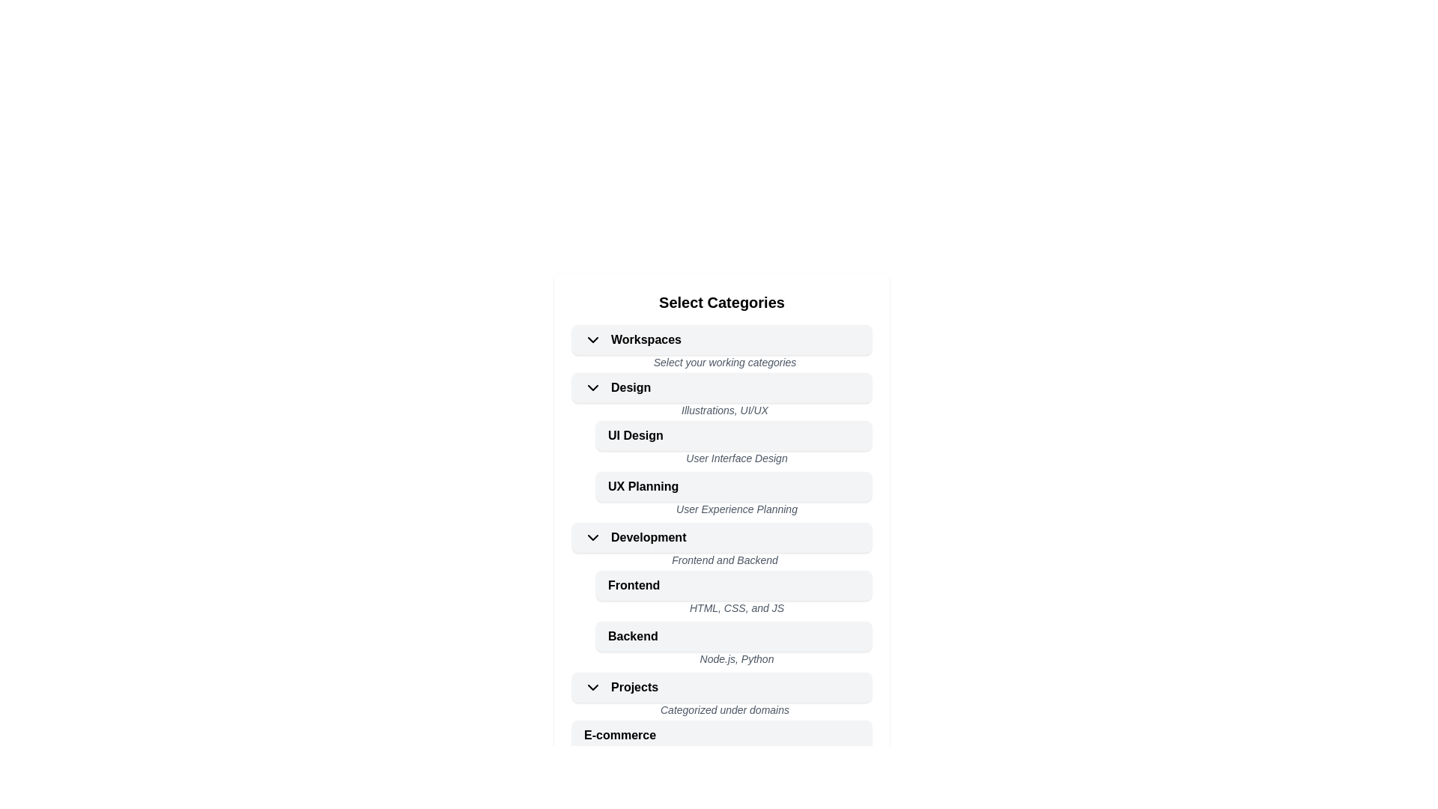 This screenshot has height=809, width=1438. I want to click on the text label that contains 'Illustrations, UI/UX', styled in small italic gray font, located below the 'Design' title, so click(722, 412).